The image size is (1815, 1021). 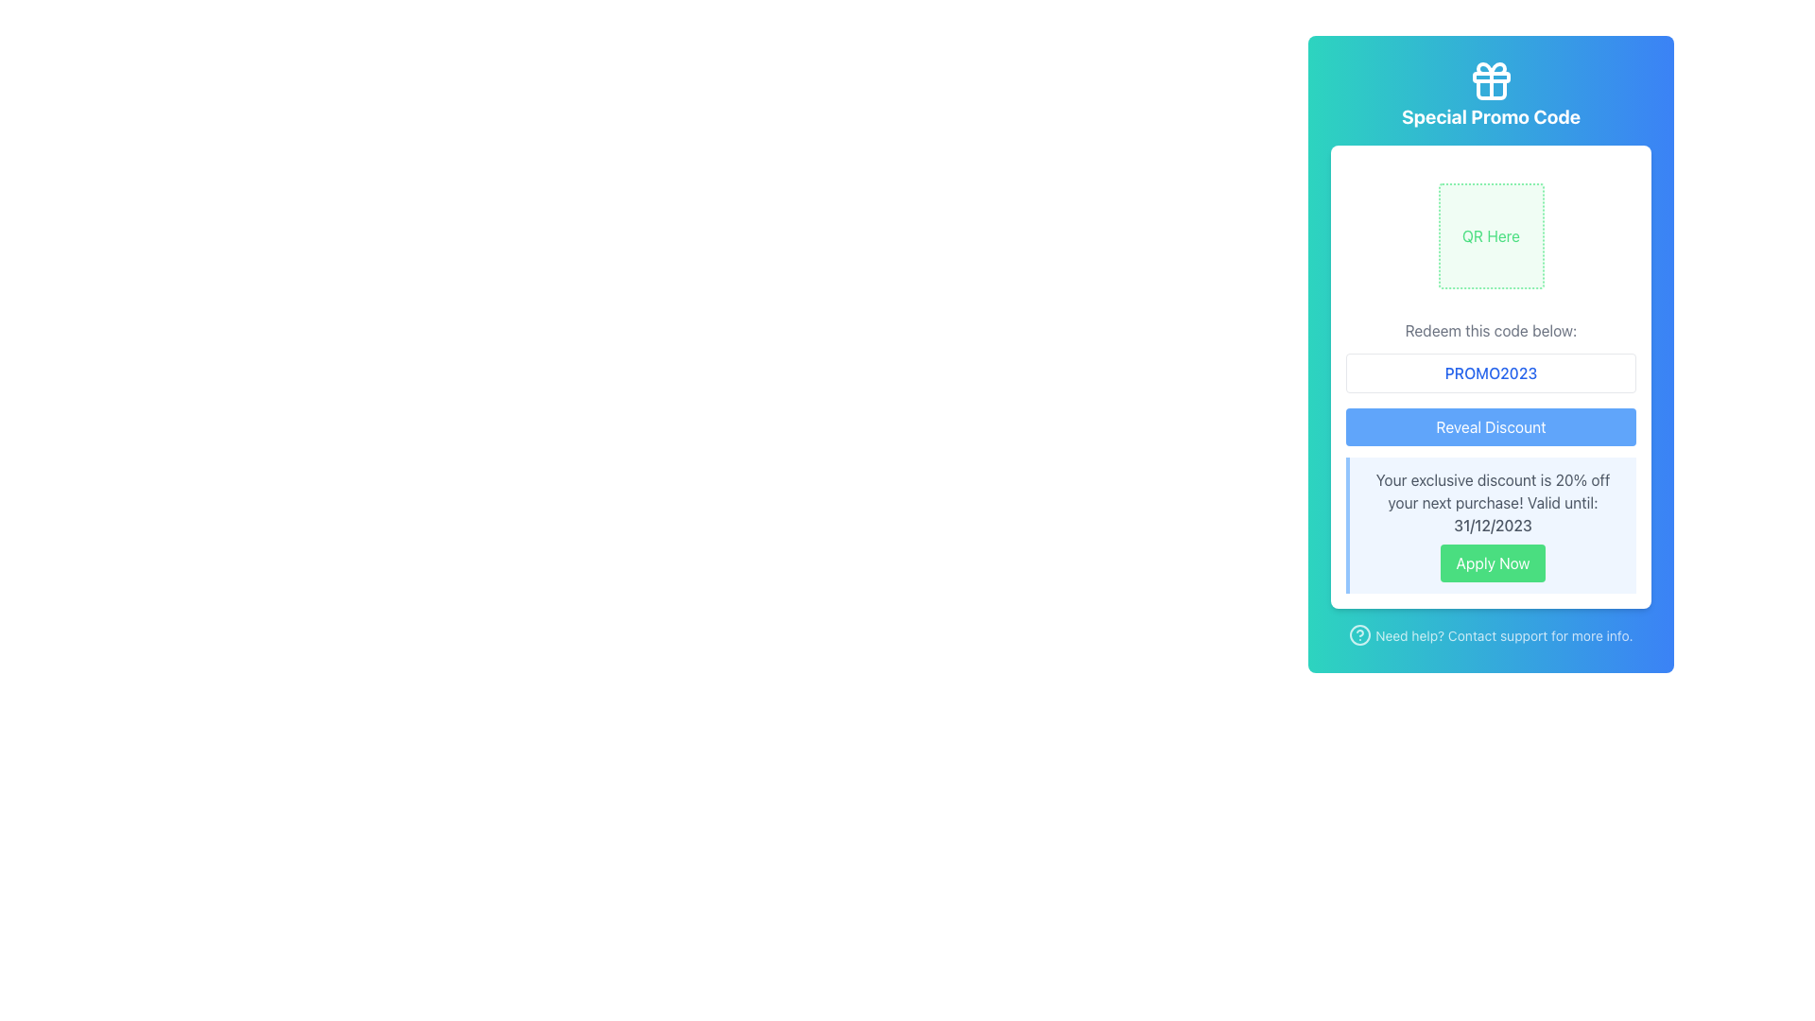 I want to click on the informational text with icon located at the bottom-center of the promotional offer card, so click(x=1490, y=637).